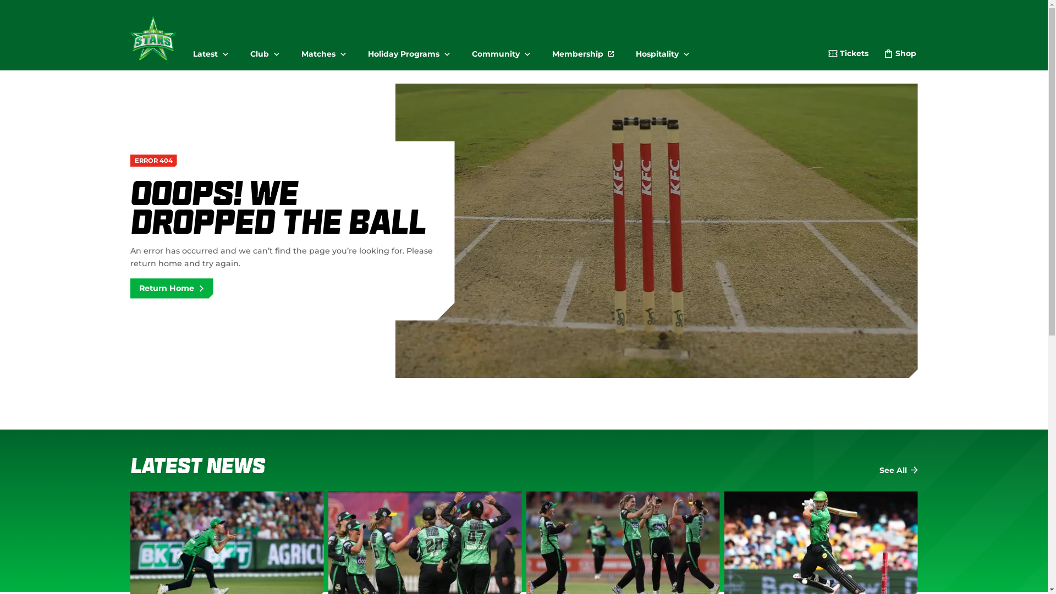 The height and width of the screenshot is (594, 1056). I want to click on 'Membership, so click(541, 48).